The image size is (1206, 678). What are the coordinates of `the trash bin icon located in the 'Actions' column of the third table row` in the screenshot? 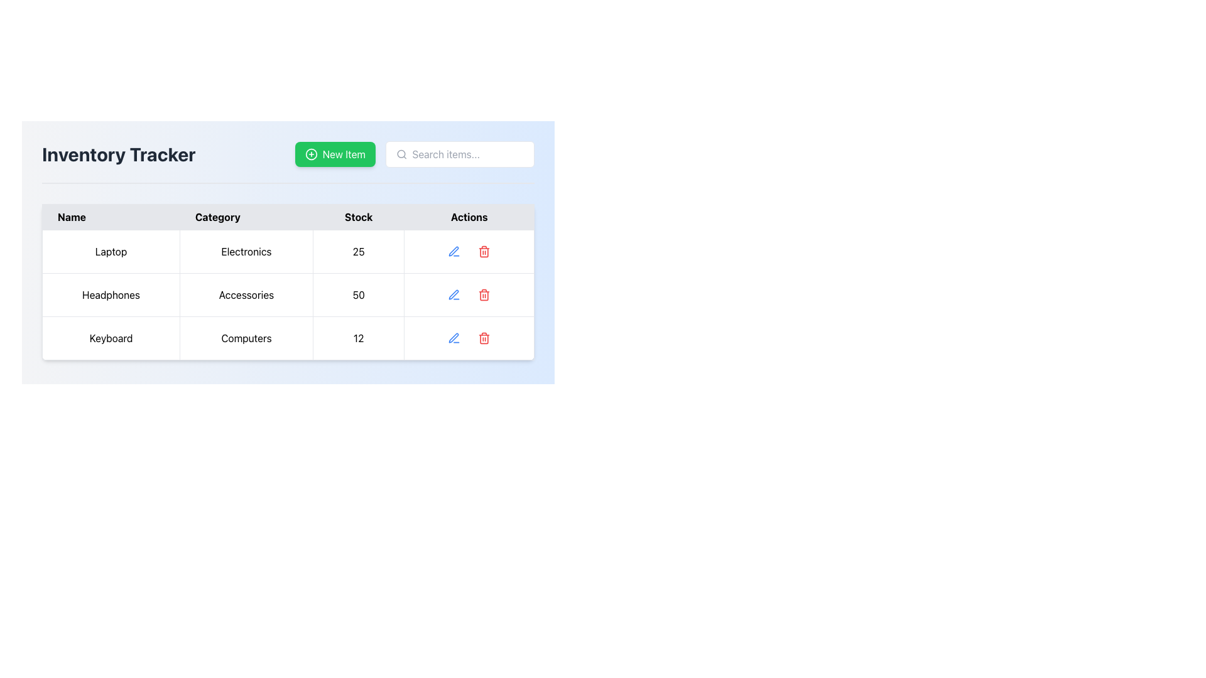 It's located at (484, 339).